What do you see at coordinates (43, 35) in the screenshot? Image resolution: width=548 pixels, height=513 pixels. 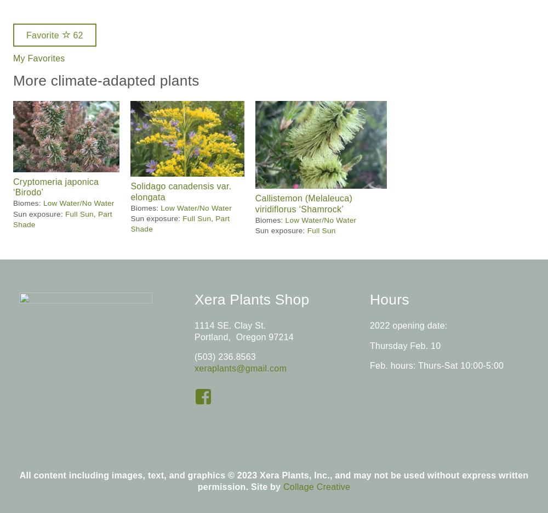 I see `'Favorite'` at bounding box center [43, 35].